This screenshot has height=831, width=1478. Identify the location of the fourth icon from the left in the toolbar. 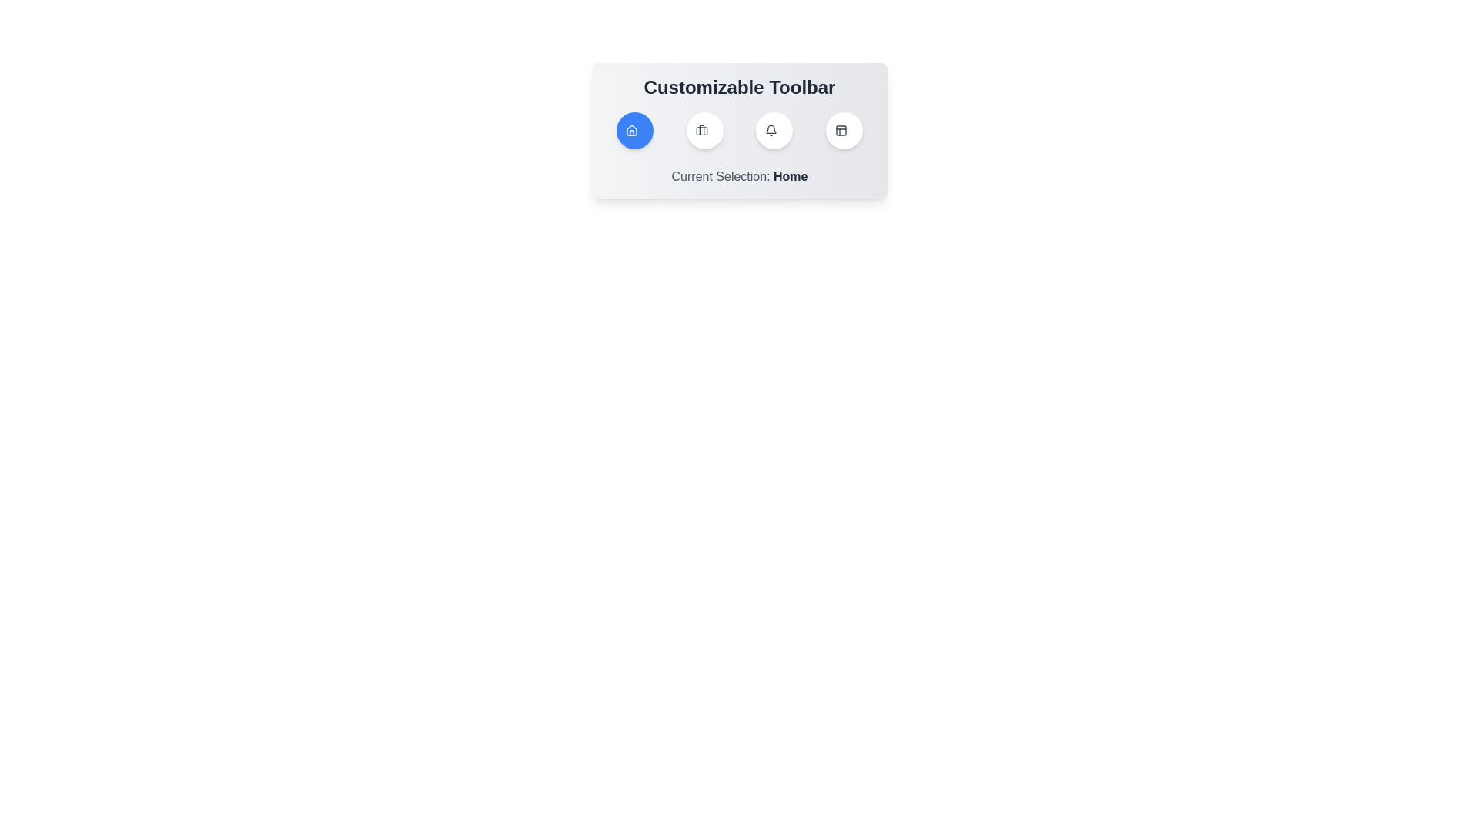
(841, 129).